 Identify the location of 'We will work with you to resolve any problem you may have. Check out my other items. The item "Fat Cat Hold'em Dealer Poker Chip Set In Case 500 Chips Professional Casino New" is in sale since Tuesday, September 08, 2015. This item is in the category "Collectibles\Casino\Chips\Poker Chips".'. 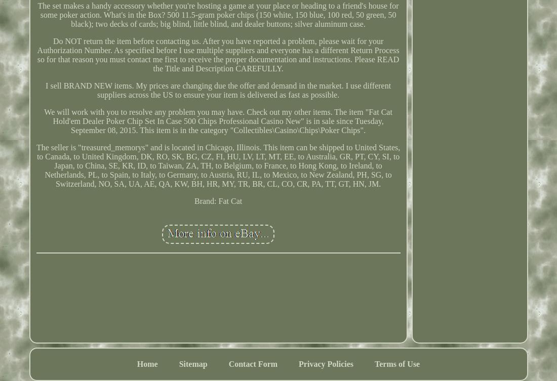
(217, 120).